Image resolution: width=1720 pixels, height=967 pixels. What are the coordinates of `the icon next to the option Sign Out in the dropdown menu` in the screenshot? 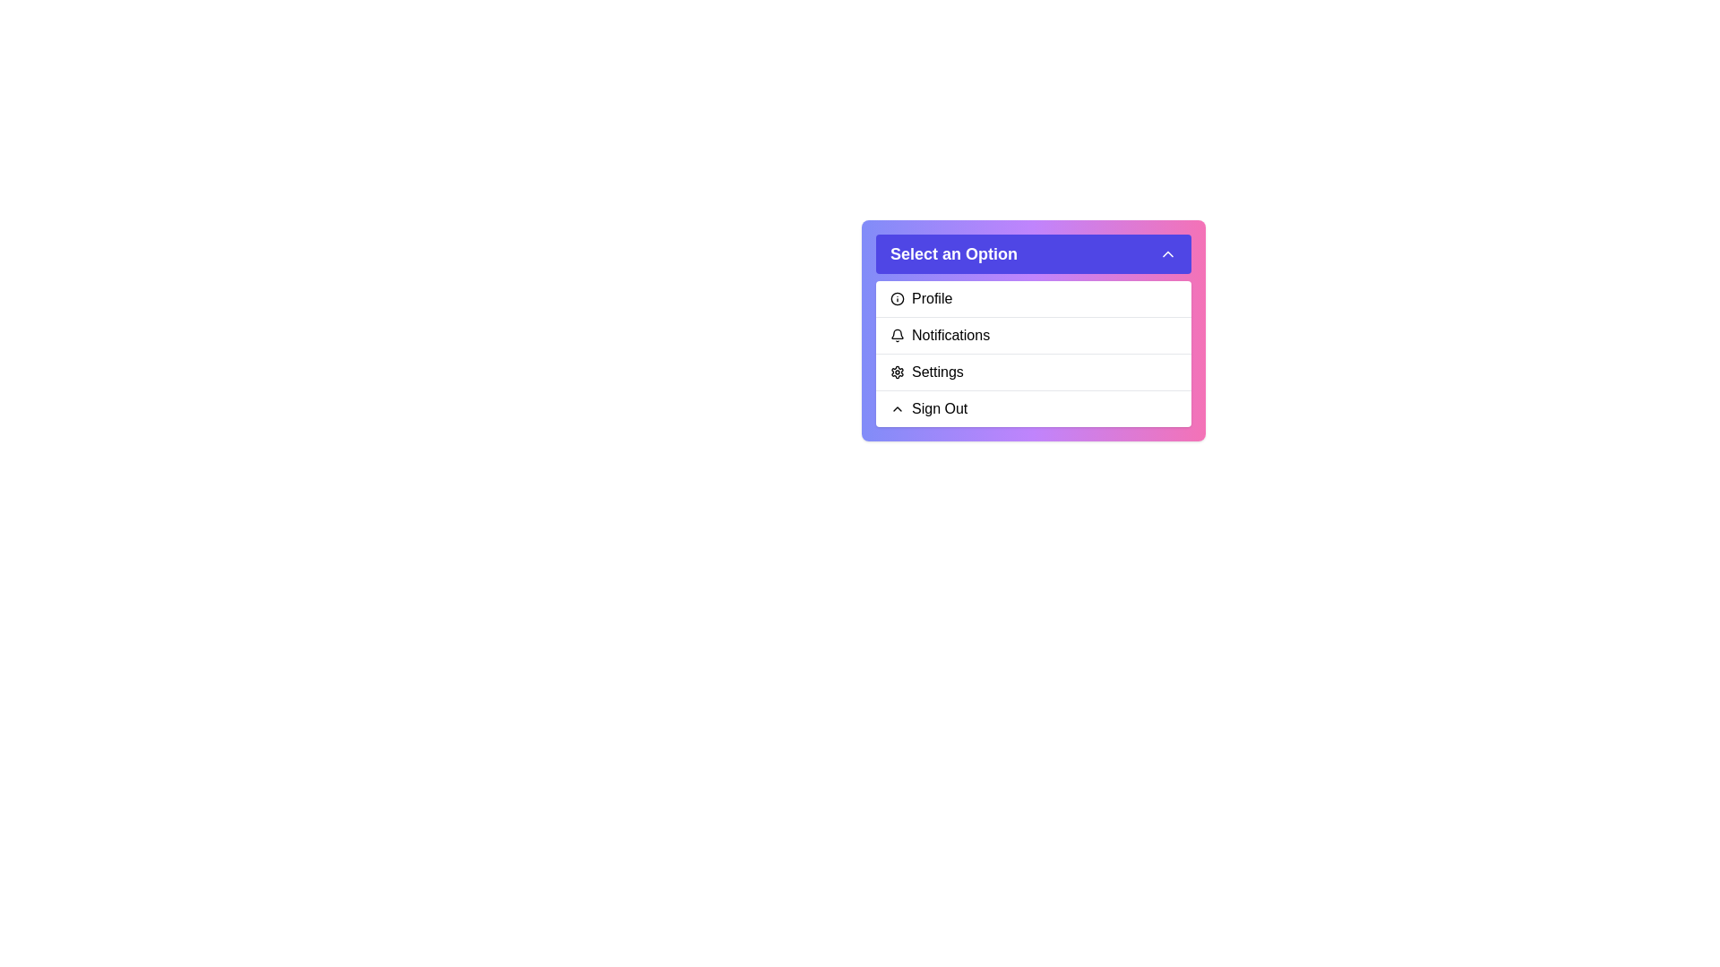 It's located at (898, 408).